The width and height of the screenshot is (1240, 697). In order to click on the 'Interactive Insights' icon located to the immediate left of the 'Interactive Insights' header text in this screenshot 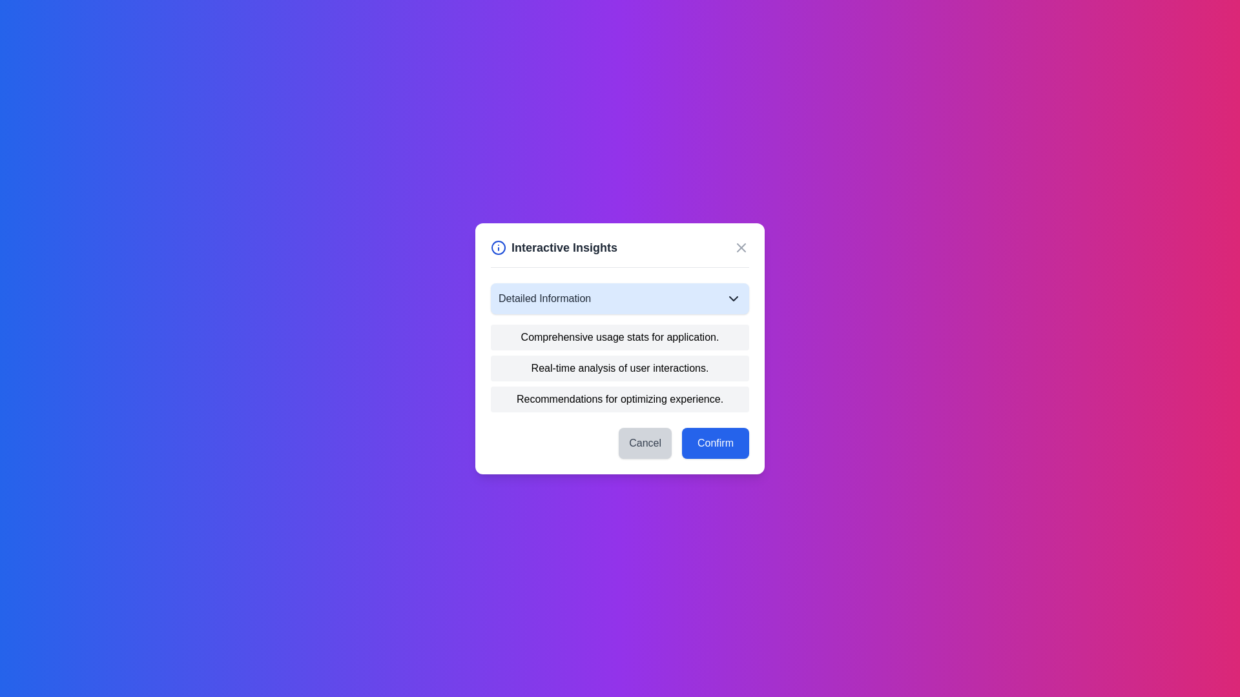, I will do `click(498, 247)`.